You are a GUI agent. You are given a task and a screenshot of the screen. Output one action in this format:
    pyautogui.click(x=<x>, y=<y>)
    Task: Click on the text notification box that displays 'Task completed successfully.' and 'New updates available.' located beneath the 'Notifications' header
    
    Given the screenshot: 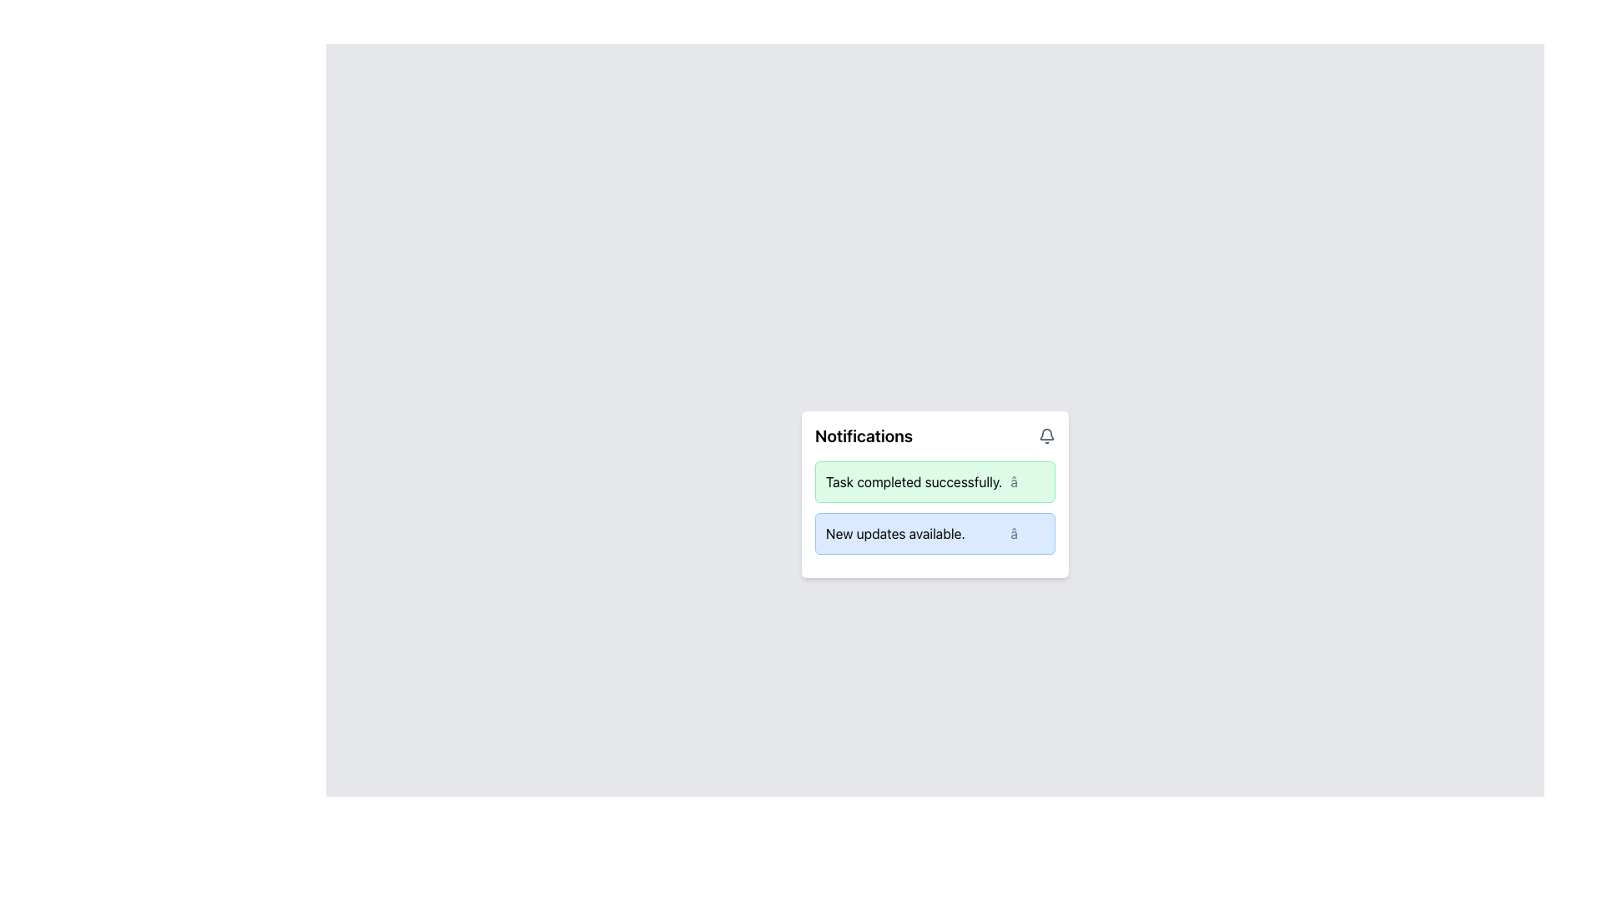 What is the action you would take?
    pyautogui.click(x=935, y=507)
    